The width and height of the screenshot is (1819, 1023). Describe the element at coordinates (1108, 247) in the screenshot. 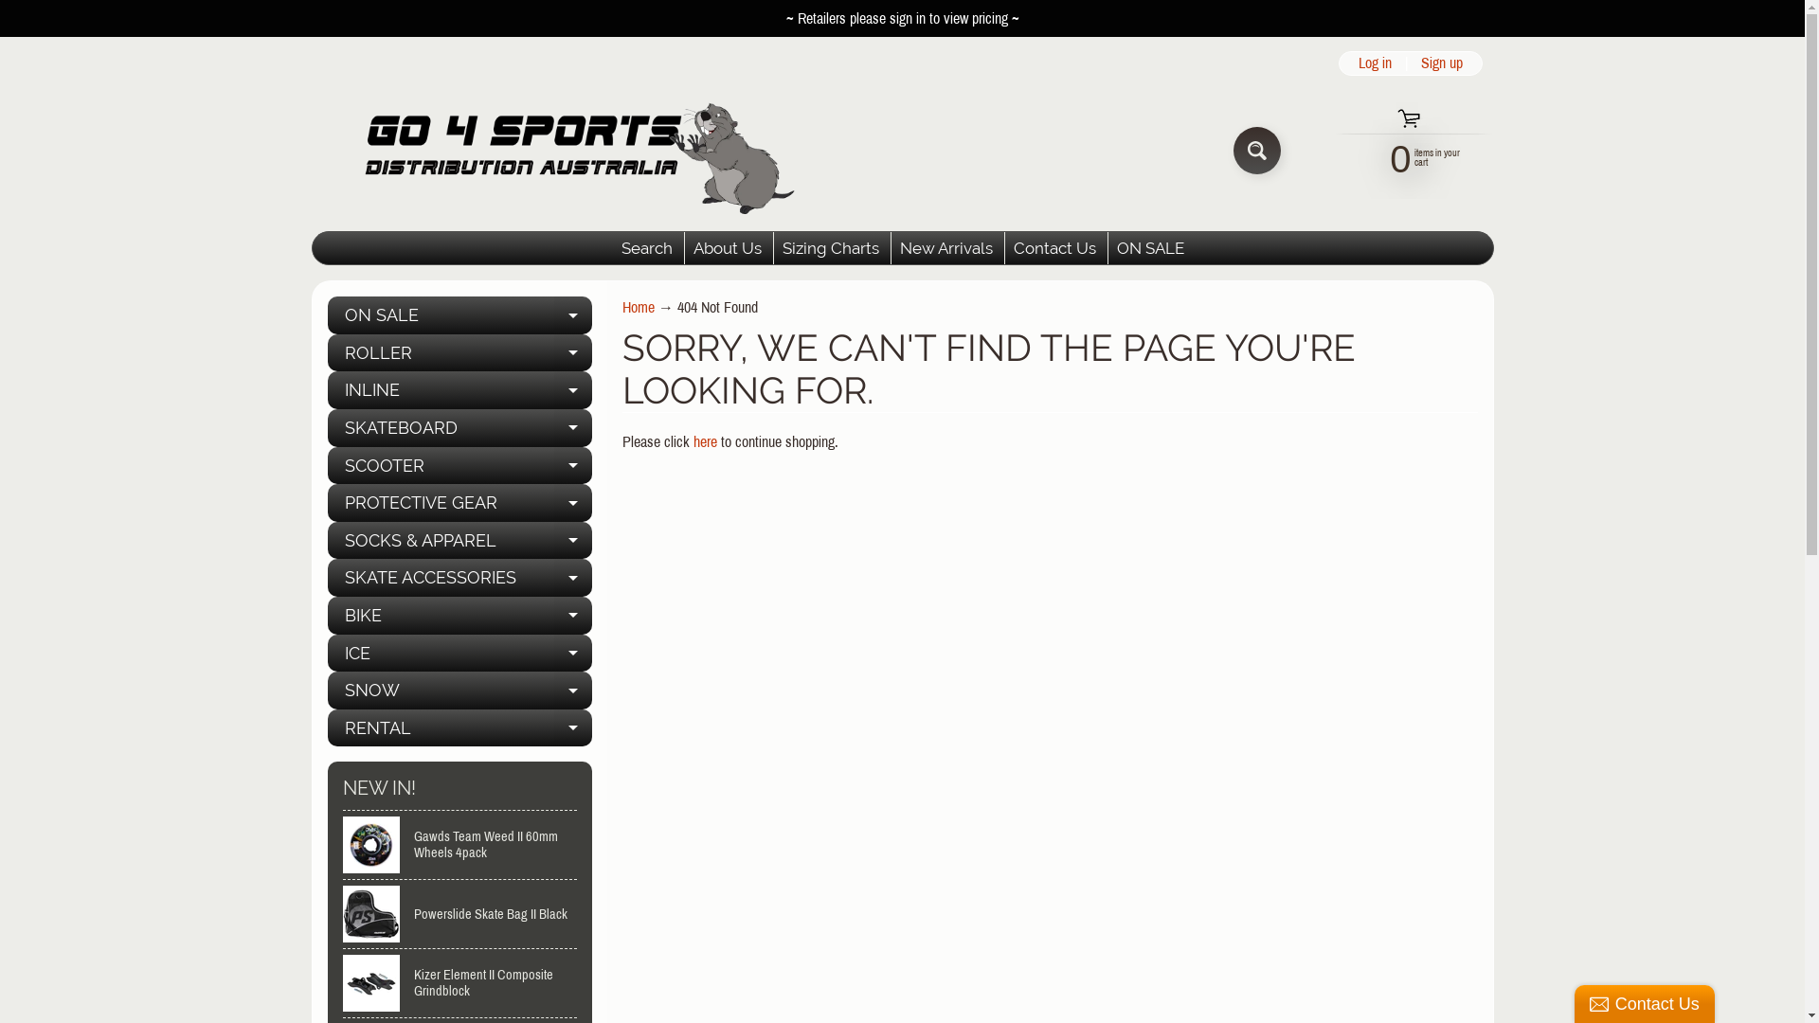

I see `'ON SALE'` at that location.